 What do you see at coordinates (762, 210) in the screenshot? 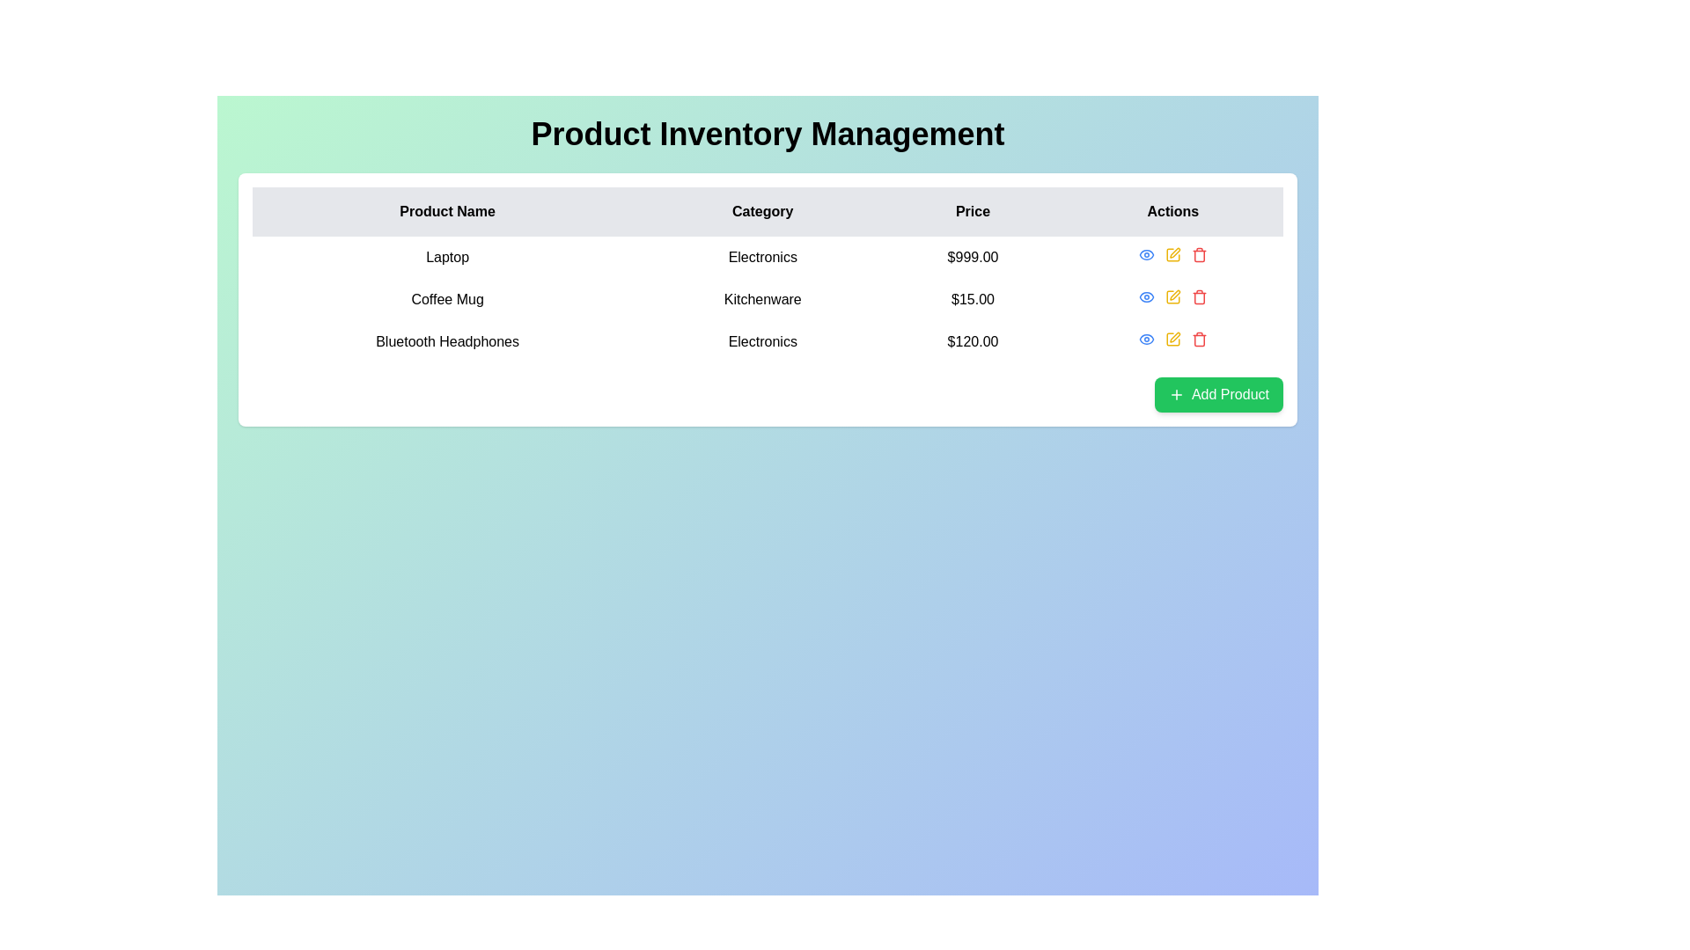
I see `the Table Header labeled 'Category', which is the second column header in a four-column table layout, positioned between 'Product Name' and 'Price'` at bounding box center [762, 210].